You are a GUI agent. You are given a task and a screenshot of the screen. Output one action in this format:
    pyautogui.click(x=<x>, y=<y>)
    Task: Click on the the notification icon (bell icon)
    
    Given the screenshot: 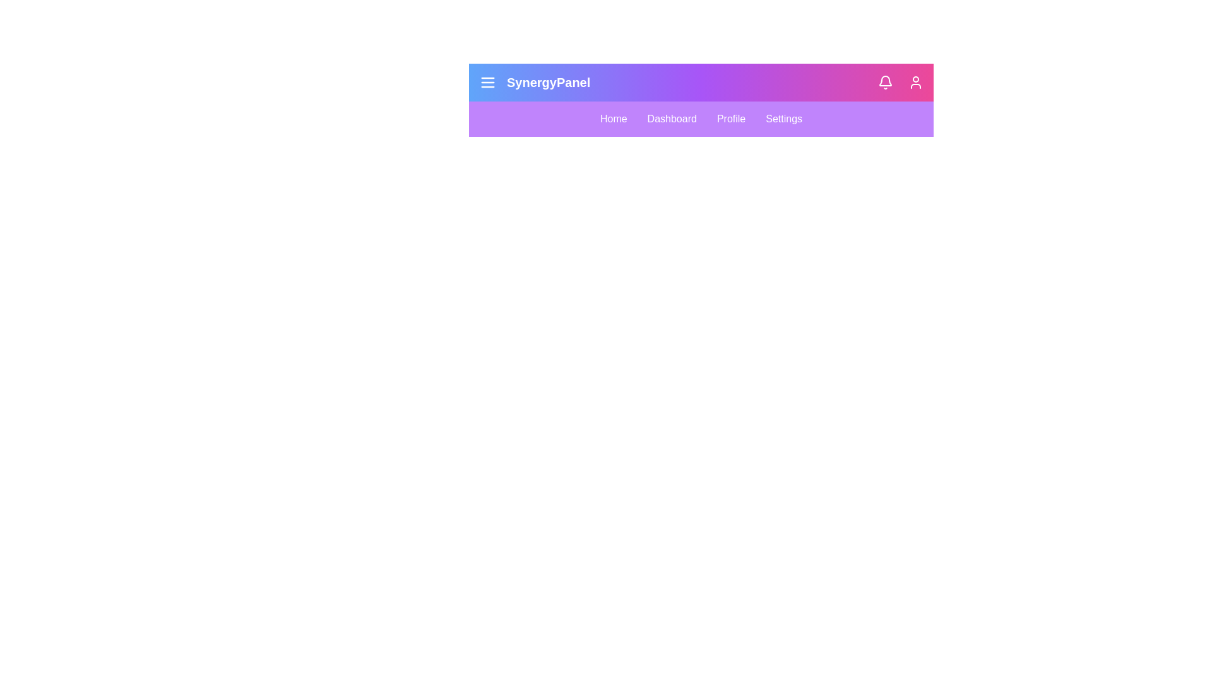 What is the action you would take?
    pyautogui.click(x=884, y=83)
    